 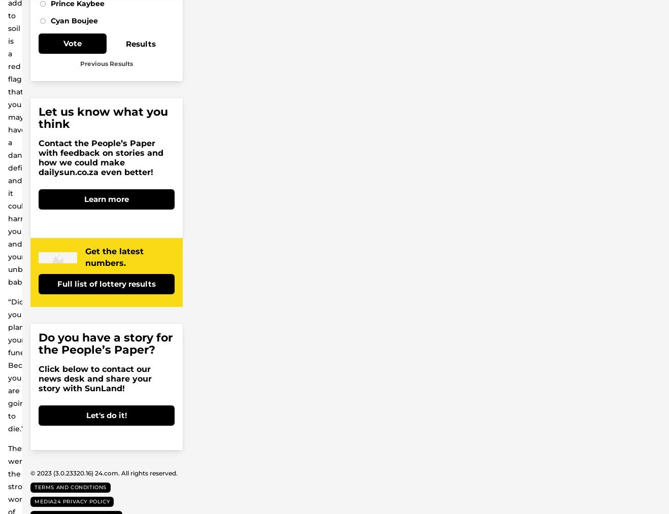 What do you see at coordinates (140, 43) in the screenshot?
I see `'Results'` at bounding box center [140, 43].